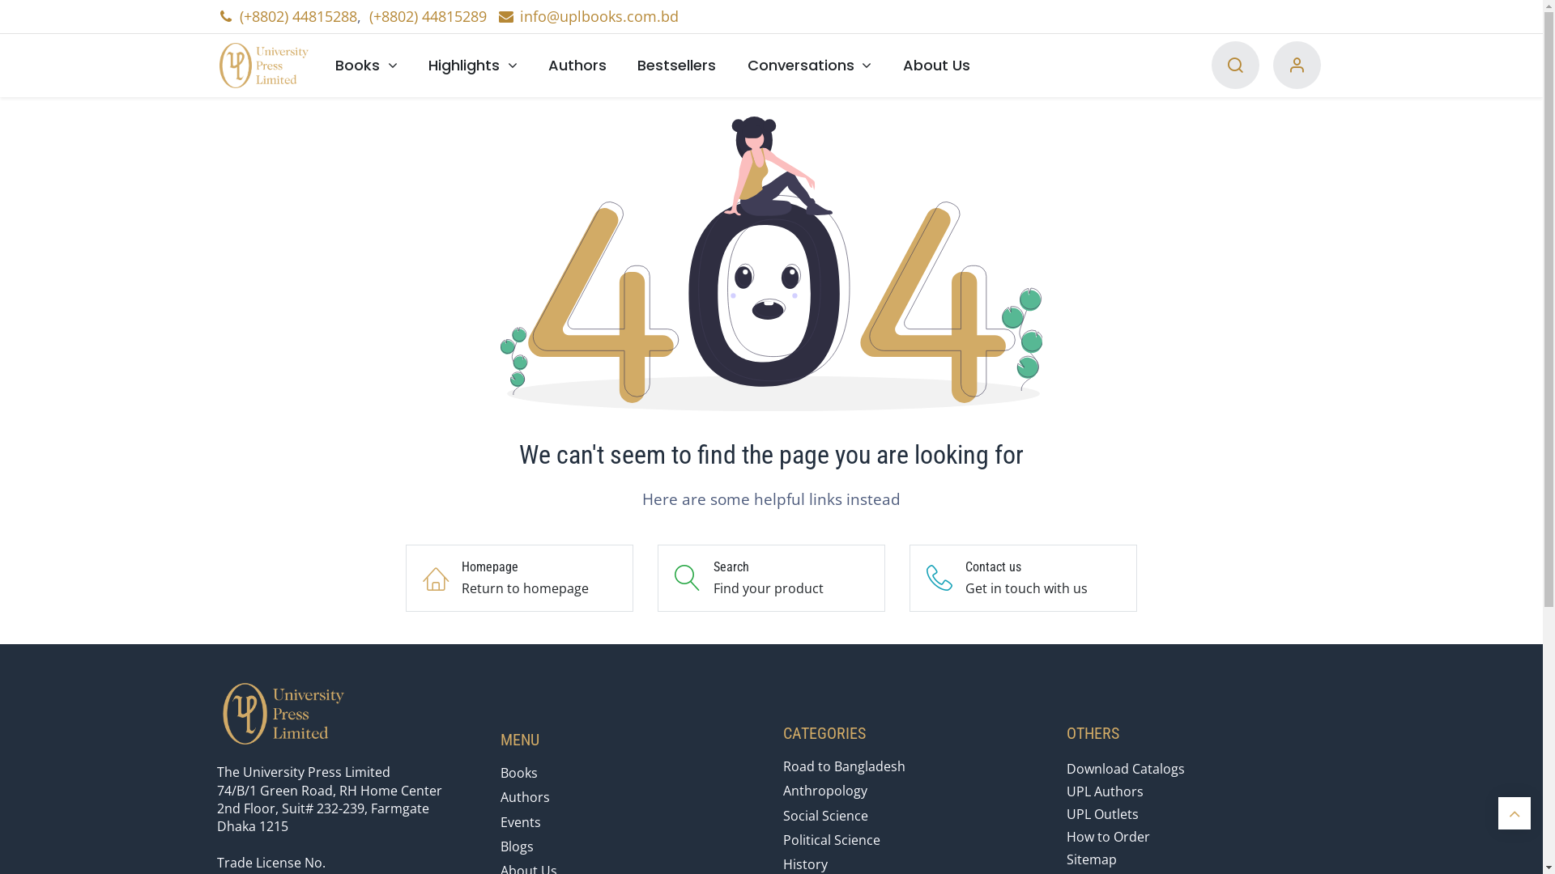 This screenshot has height=874, width=1555. What do you see at coordinates (843, 766) in the screenshot?
I see `'Road to Bangladesh'` at bounding box center [843, 766].